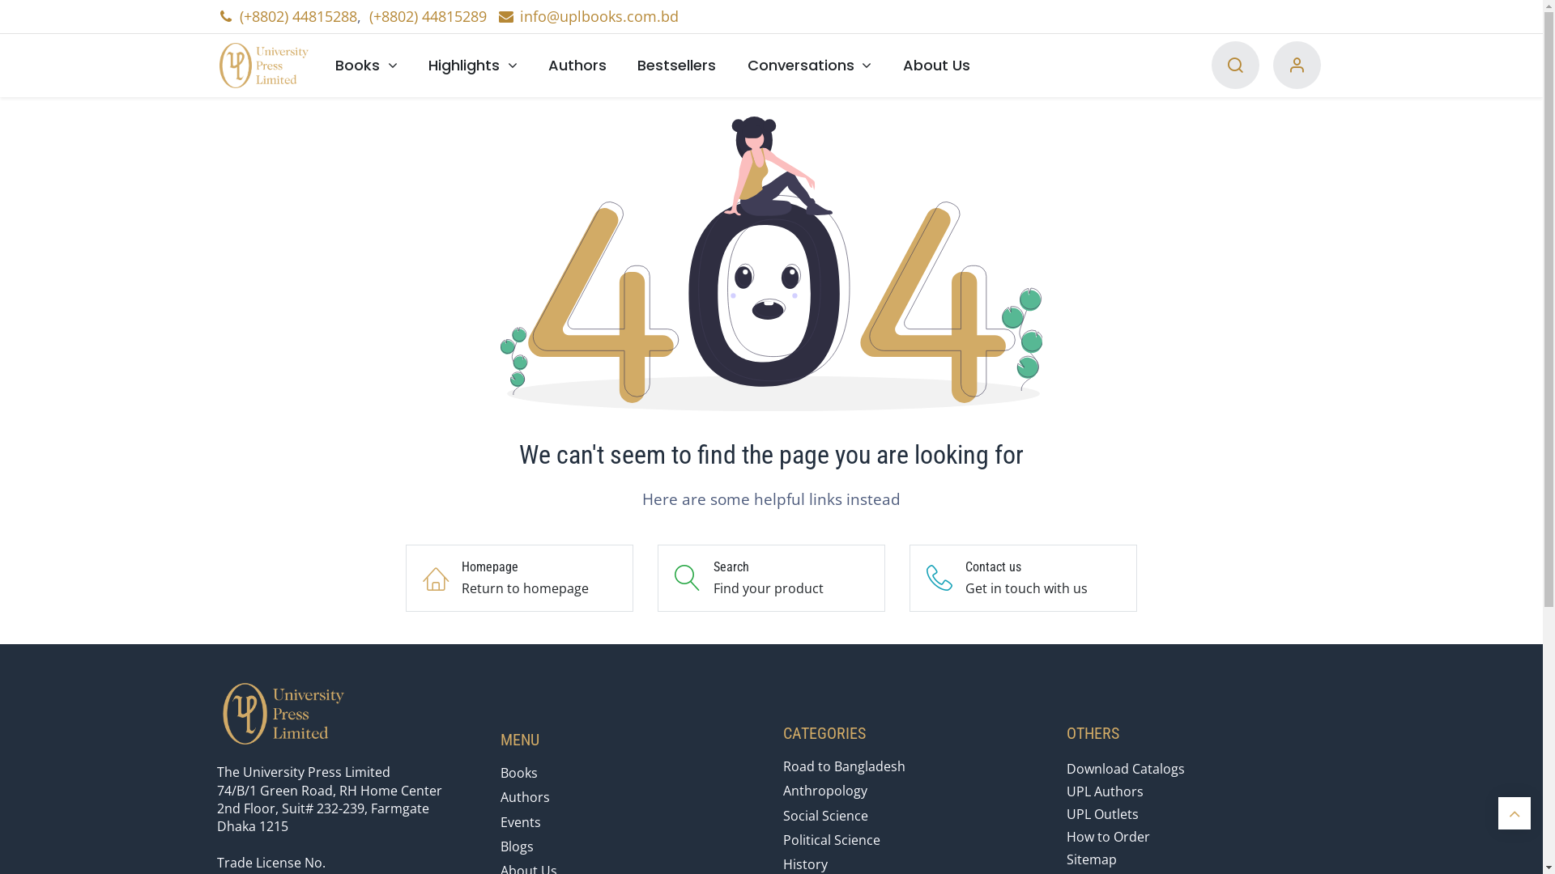 This screenshot has height=874, width=1555. What do you see at coordinates (843, 766) in the screenshot?
I see `'Road to Bangladesh'` at bounding box center [843, 766].